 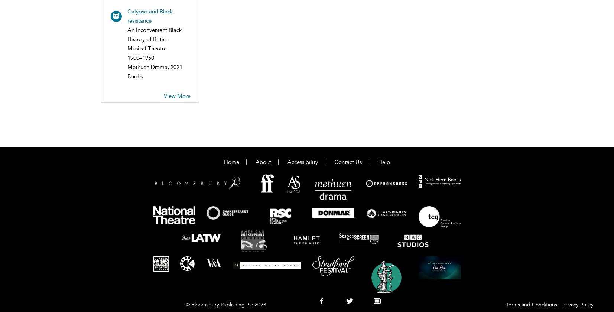 What do you see at coordinates (154, 66) in the screenshot?
I see `'Methuen Drama, 2021'` at bounding box center [154, 66].